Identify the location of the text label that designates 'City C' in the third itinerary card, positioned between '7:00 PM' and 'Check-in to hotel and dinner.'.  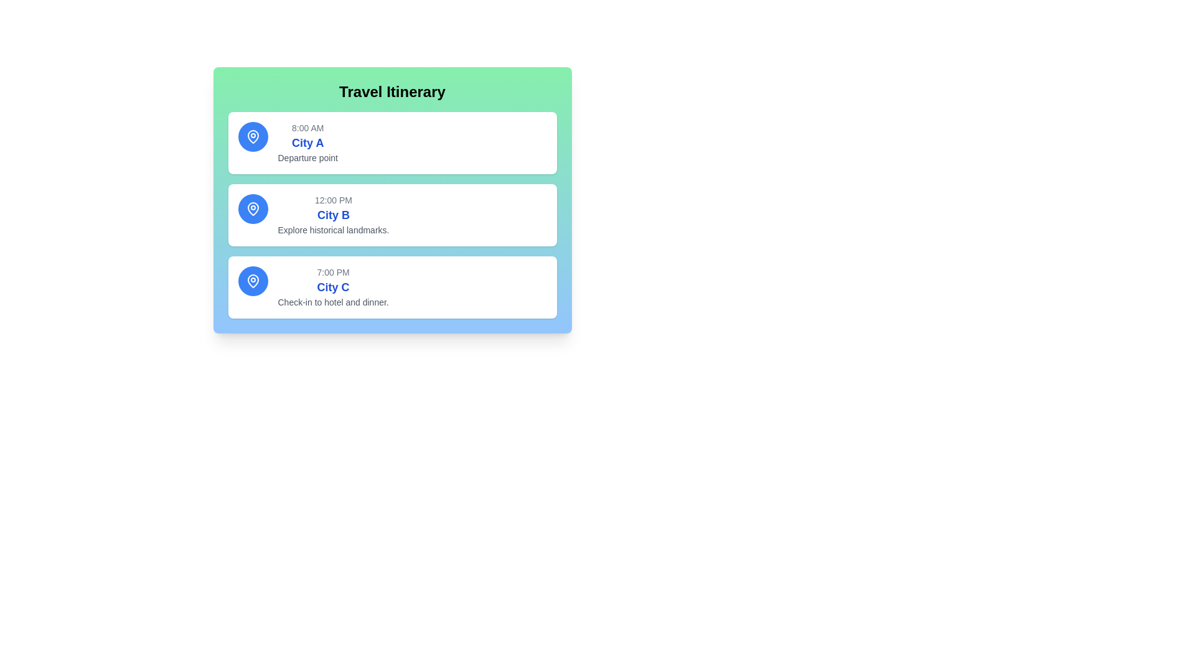
(333, 287).